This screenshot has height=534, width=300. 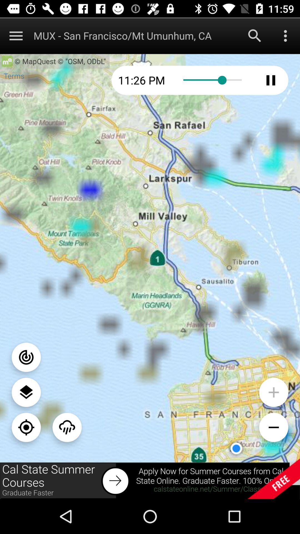 What do you see at coordinates (150, 480) in the screenshot?
I see `see advertisement` at bounding box center [150, 480].